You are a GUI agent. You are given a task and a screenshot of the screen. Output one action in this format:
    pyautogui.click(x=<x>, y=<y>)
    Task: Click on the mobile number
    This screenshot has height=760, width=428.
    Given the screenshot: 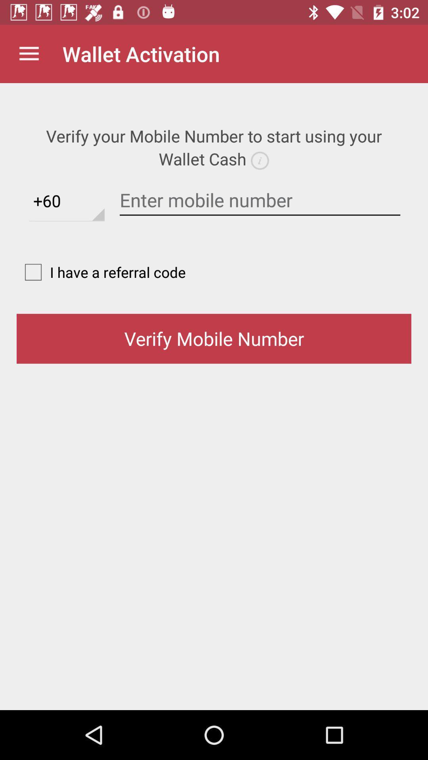 What is the action you would take?
    pyautogui.click(x=260, y=200)
    